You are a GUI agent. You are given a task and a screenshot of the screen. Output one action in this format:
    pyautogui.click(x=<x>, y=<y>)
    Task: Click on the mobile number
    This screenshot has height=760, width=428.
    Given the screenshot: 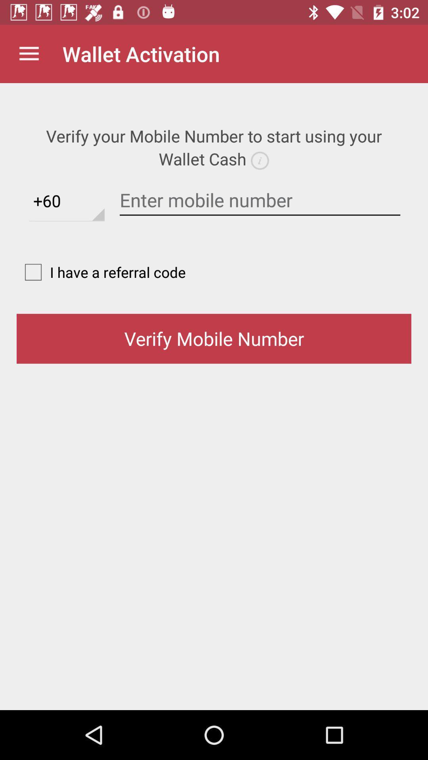 What is the action you would take?
    pyautogui.click(x=260, y=200)
    